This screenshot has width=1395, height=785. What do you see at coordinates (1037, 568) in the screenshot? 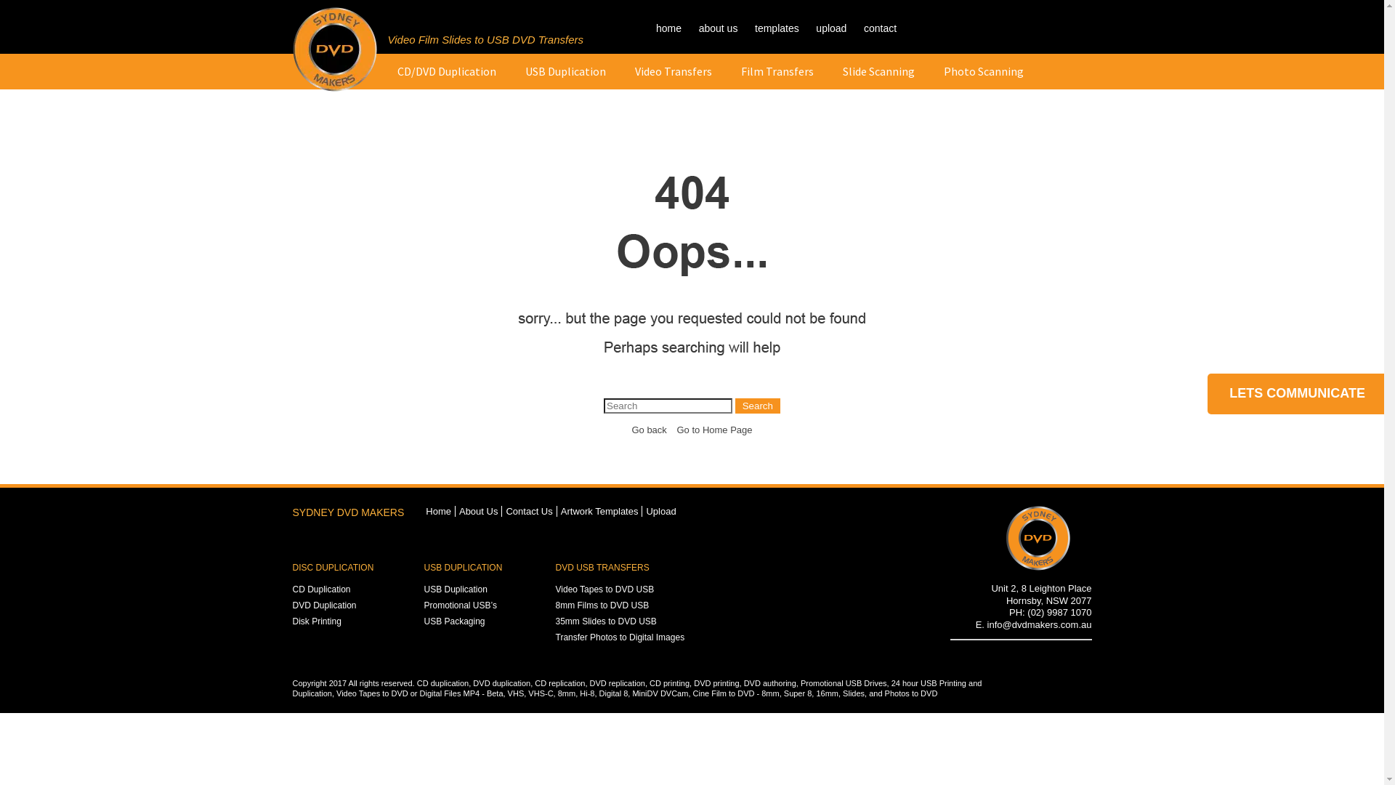
I see `'Footer Logo'` at bounding box center [1037, 568].